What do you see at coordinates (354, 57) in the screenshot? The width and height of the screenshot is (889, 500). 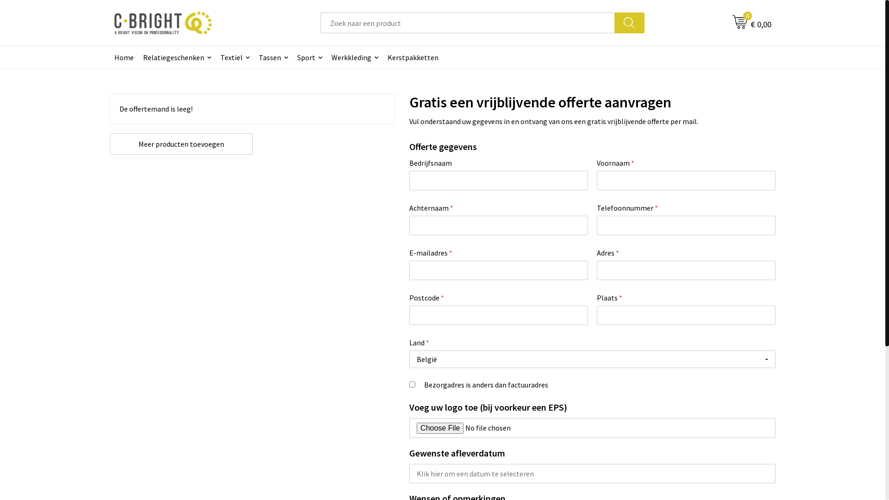 I see `'Werkkleding'` at bounding box center [354, 57].